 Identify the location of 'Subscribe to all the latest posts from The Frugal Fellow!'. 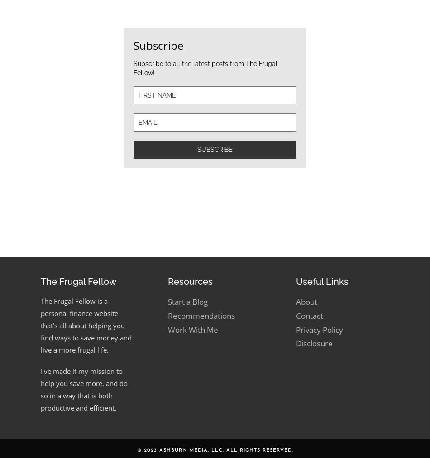
(205, 322).